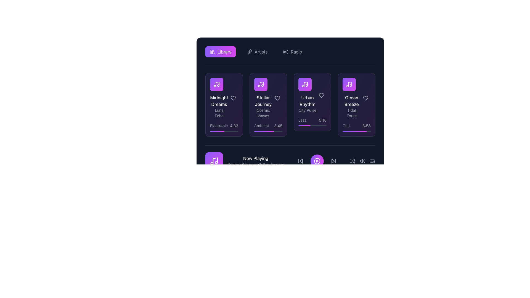  I want to click on the heart-shaped icon in the top-right corner of the 'Stellar Journey' card to favorite or unfavorite the item, so click(277, 98).